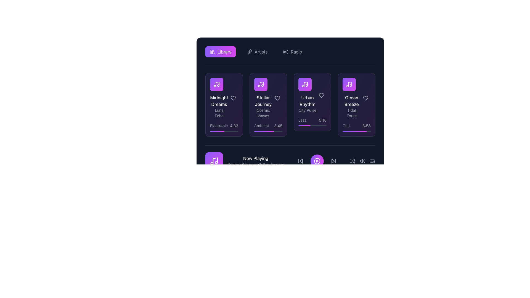  I want to click on the heart-shaped icon in the top-right corner of the 'Stellar Journey' card to favorite or unfavorite the item, so click(277, 98).